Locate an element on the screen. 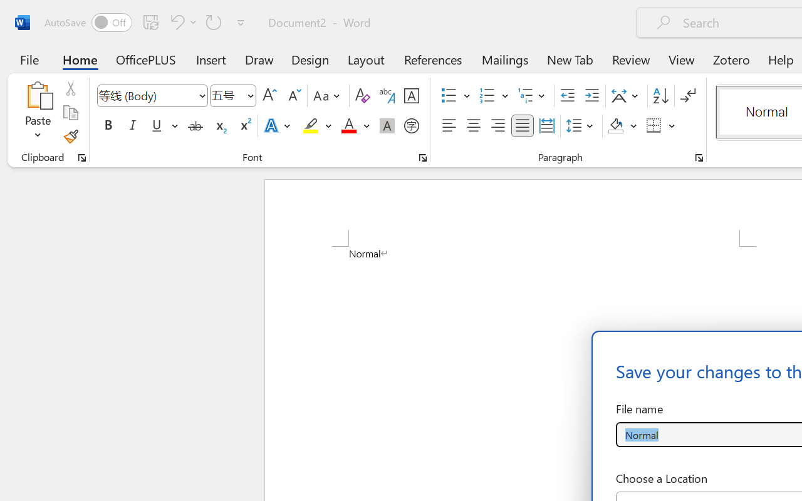 The height and width of the screenshot is (501, 802). 'Enclose Characters...' is located at coordinates (411, 126).